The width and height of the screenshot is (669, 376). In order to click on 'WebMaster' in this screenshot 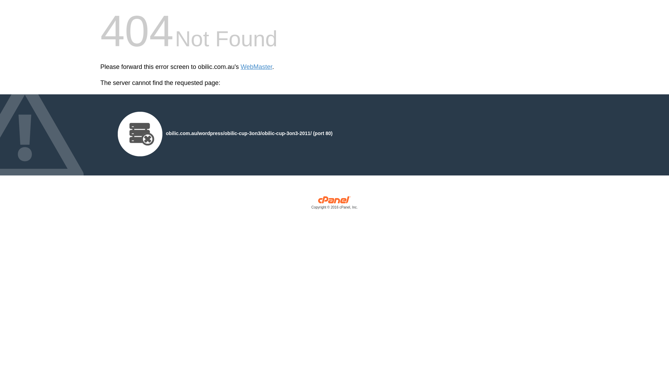, I will do `click(256, 67)`.